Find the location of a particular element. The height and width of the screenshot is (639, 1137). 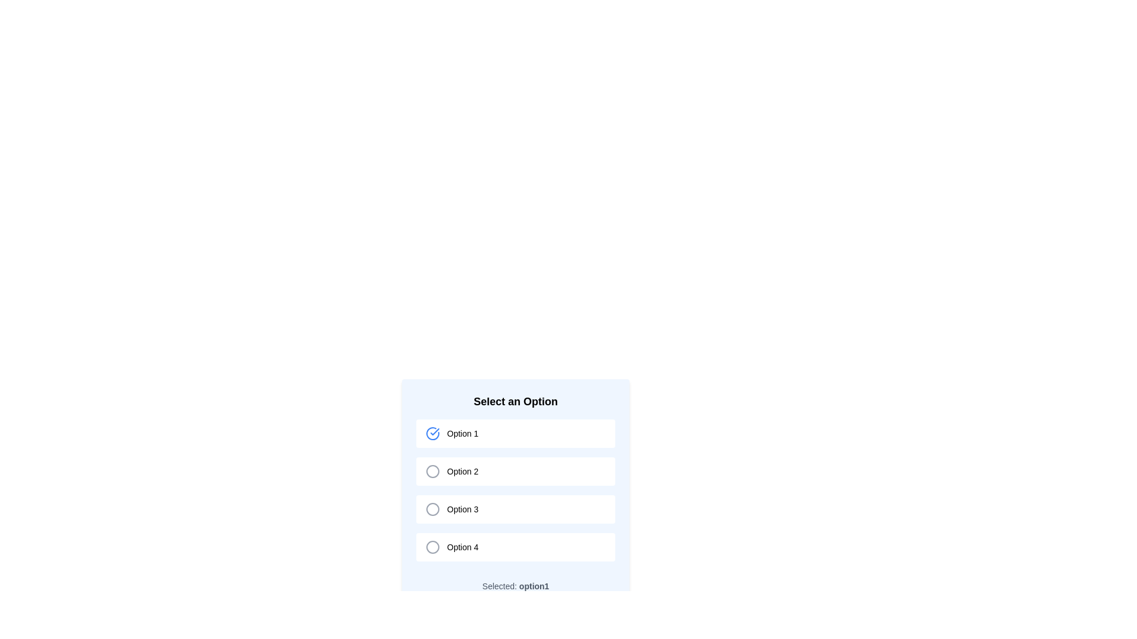

the second selectable list item labeled 'Option 2' is located at coordinates (515, 471).